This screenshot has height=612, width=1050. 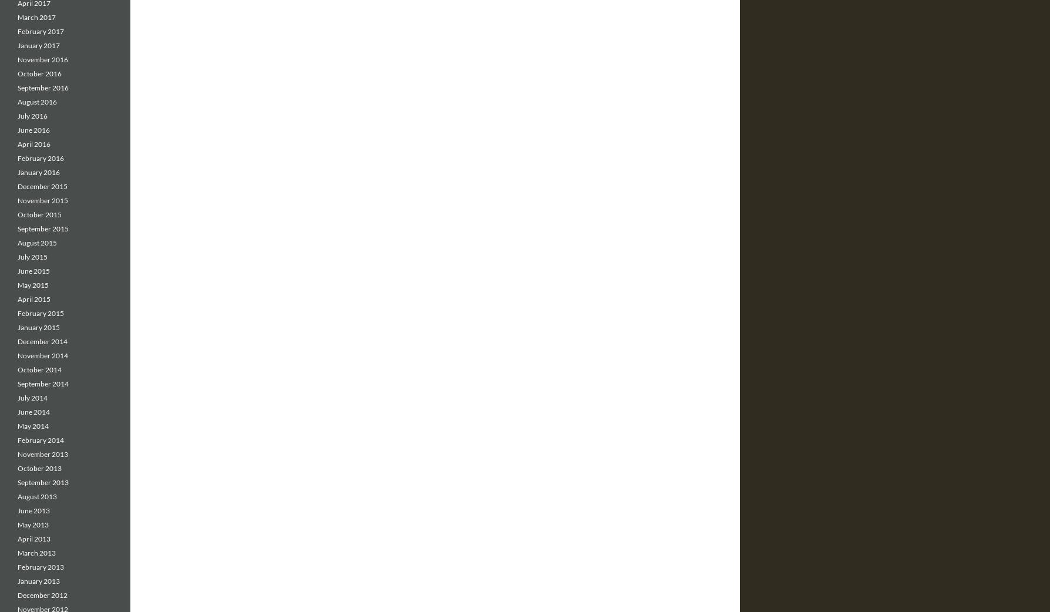 I want to click on 'August 2015', so click(x=37, y=242).